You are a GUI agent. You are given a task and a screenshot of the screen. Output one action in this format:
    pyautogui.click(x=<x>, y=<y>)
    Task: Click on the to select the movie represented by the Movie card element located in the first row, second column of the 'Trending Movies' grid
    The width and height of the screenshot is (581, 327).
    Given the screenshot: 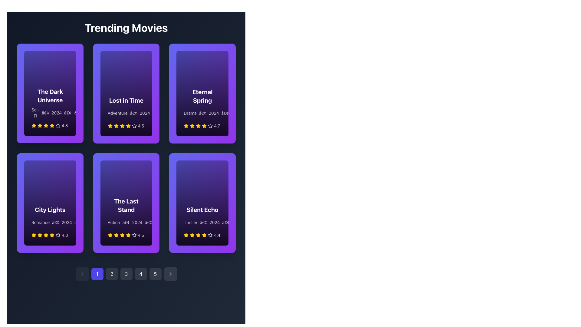 What is the action you would take?
    pyautogui.click(x=126, y=93)
    